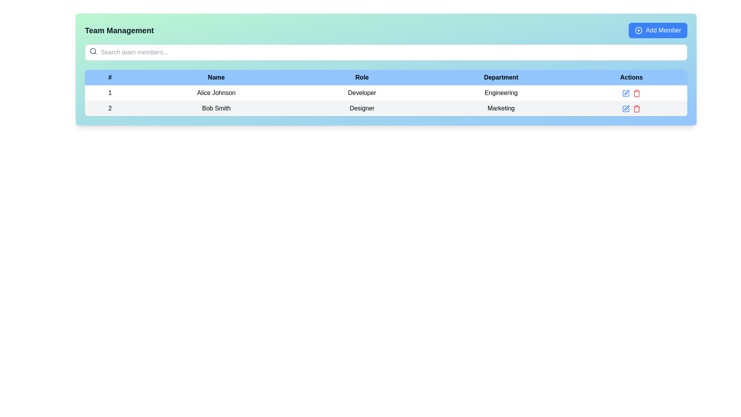 This screenshot has height=417, width=741. What do you see at coordinates (216, 108) in the screenshot?
I see `the Text label displaying the name 'Bob Smith' in the second row of the table under the 'Name' column` at bounding box center [216, 108].